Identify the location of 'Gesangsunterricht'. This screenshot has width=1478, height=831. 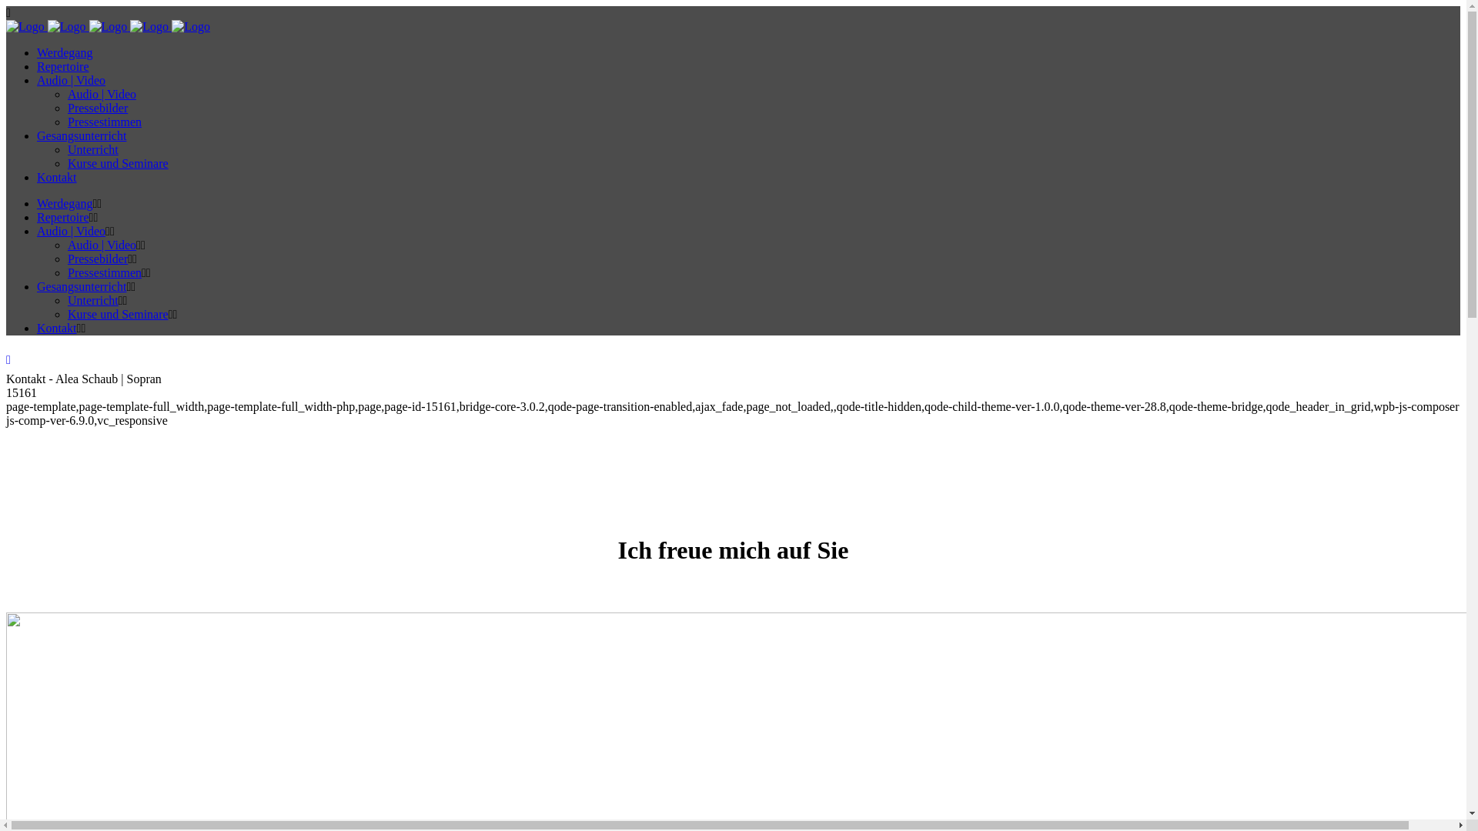
(80, 135).